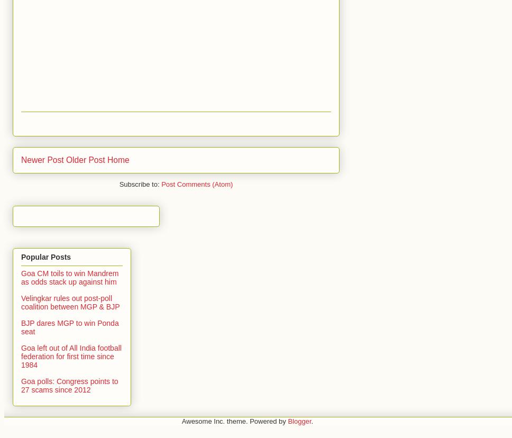 The image size is (512, 438). I want to click on 'Newer Post', so click(21, 159).